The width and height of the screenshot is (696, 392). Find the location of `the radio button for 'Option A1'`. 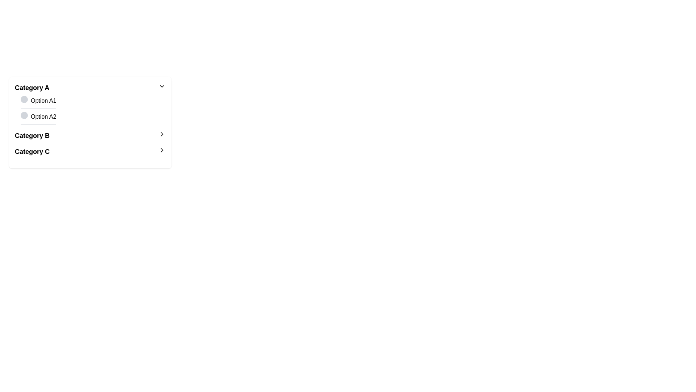

the radio button for 'Option A1' is located at coordinates (24, 101).